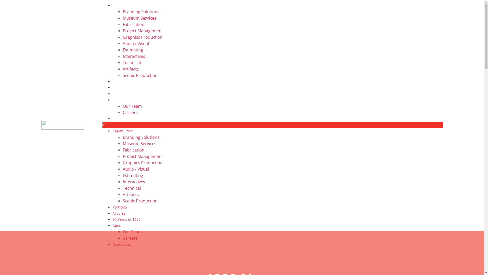 The image size is (488, 275). I want to click on 'Estimating', so click(133, 175).